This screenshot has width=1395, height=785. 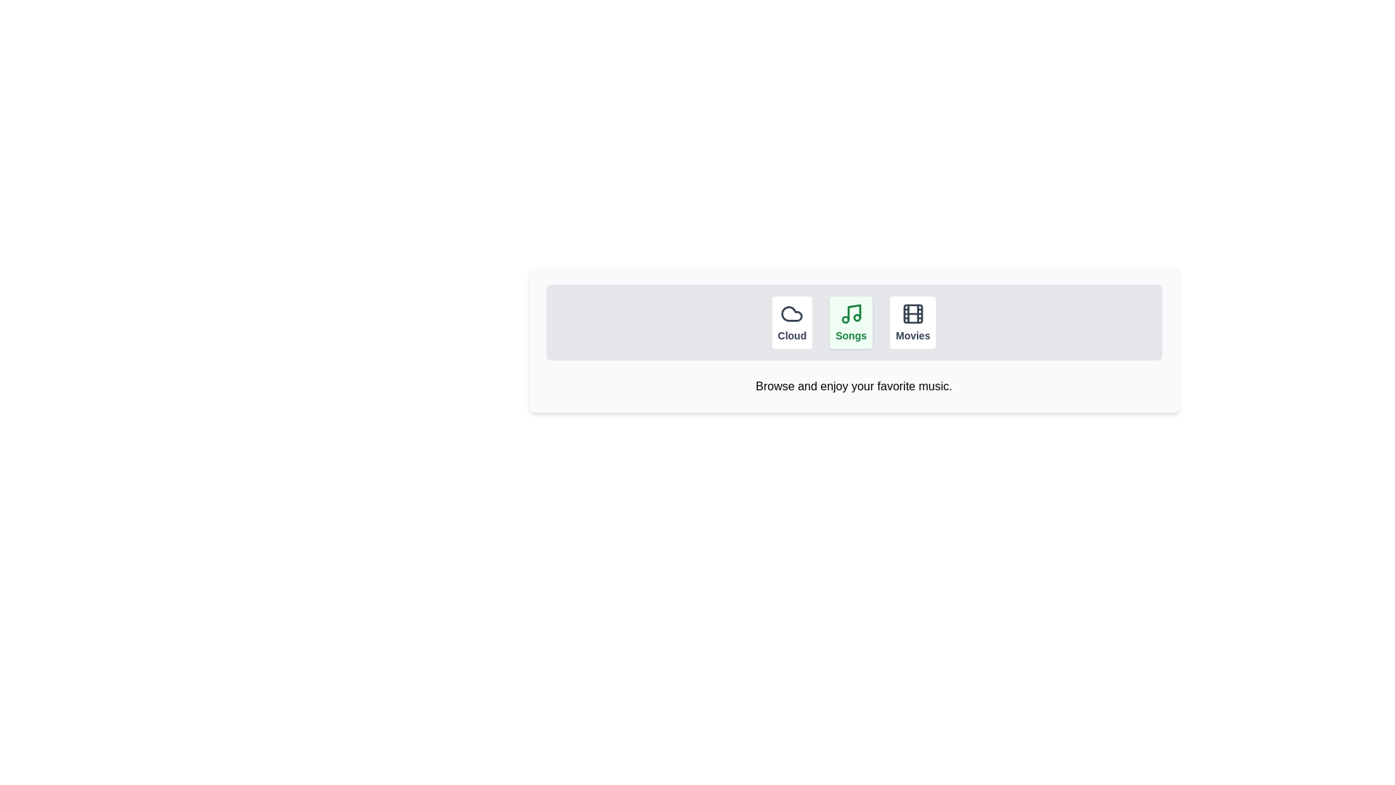 I want to click on the interactive button labeled 'Cloud', which is the first button in a row of three, so click(x=791, y=321).